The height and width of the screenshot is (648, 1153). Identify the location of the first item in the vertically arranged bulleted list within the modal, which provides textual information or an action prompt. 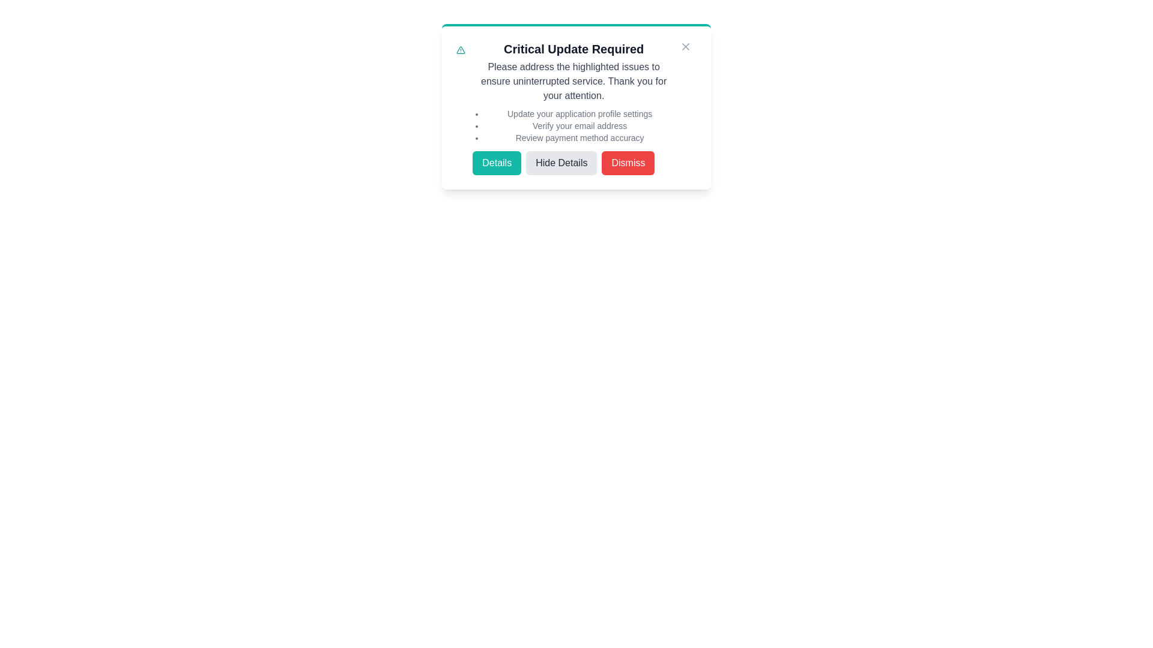
(580, 113).